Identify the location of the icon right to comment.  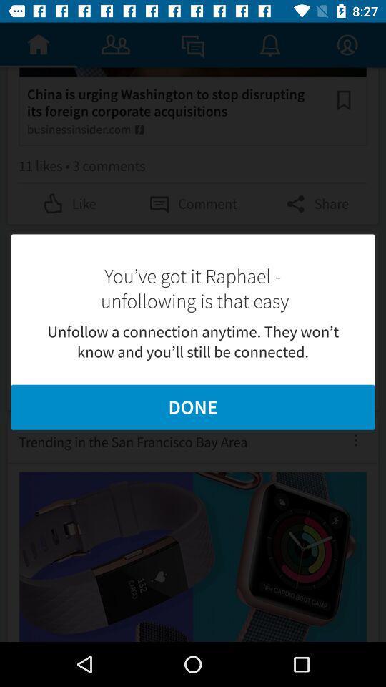
(317, 203).